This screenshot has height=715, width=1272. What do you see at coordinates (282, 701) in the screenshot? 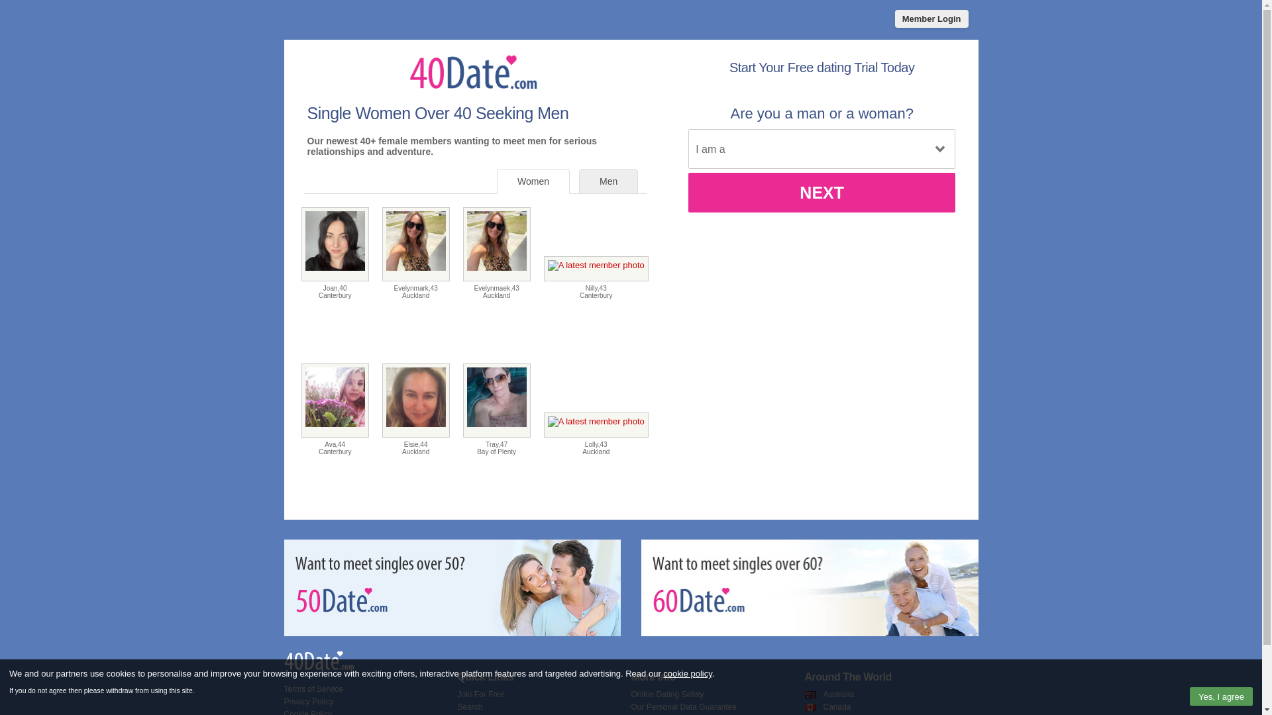
I see `'Privacy Policy'` at bounding box center [282, 701].